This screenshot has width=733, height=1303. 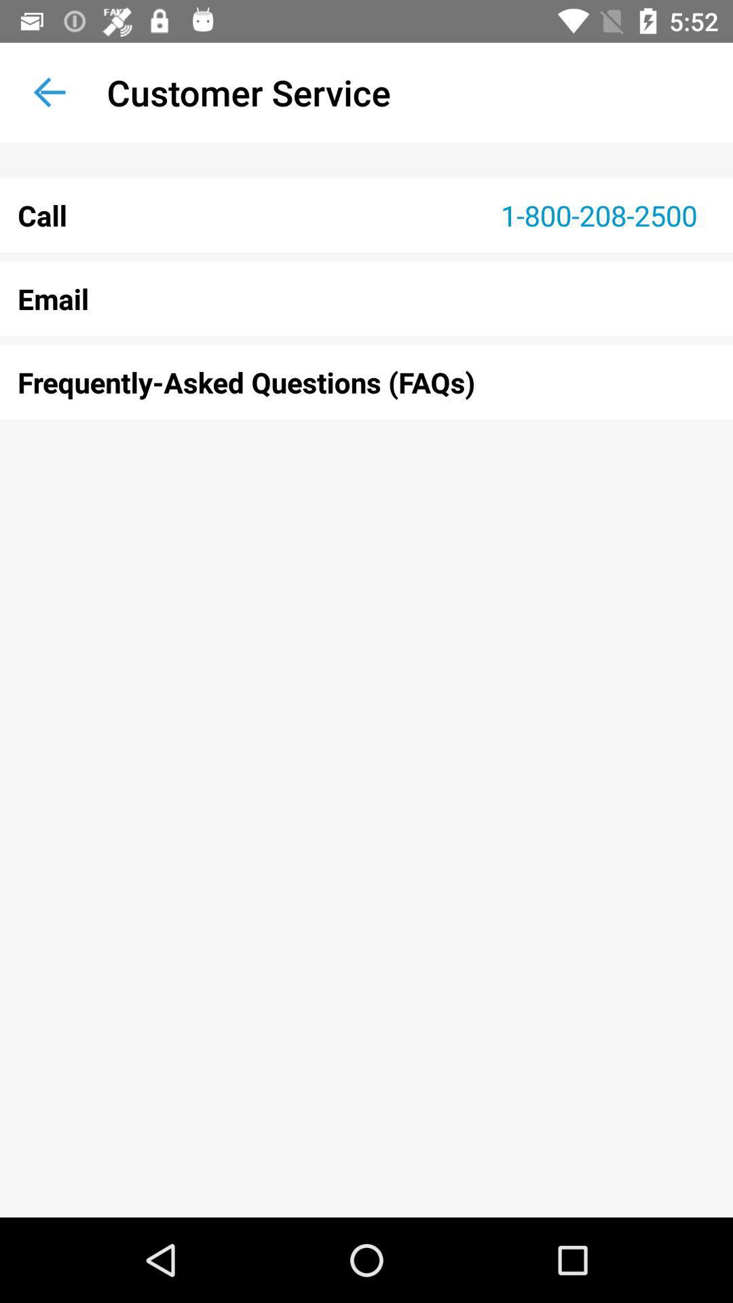 I want to click on frequently asked questions item, so click(x=366, y=381).